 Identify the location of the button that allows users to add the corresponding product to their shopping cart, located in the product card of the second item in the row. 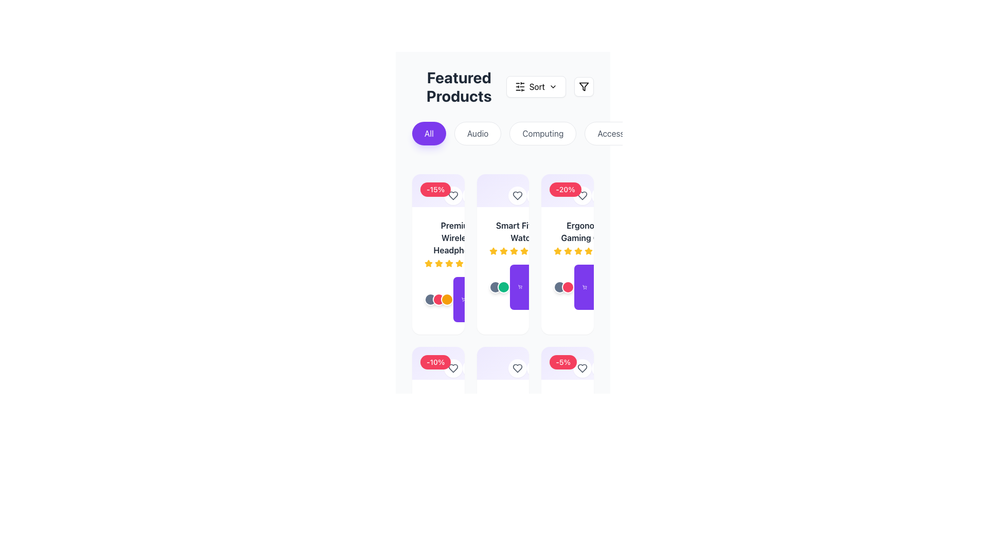
(475, 299).